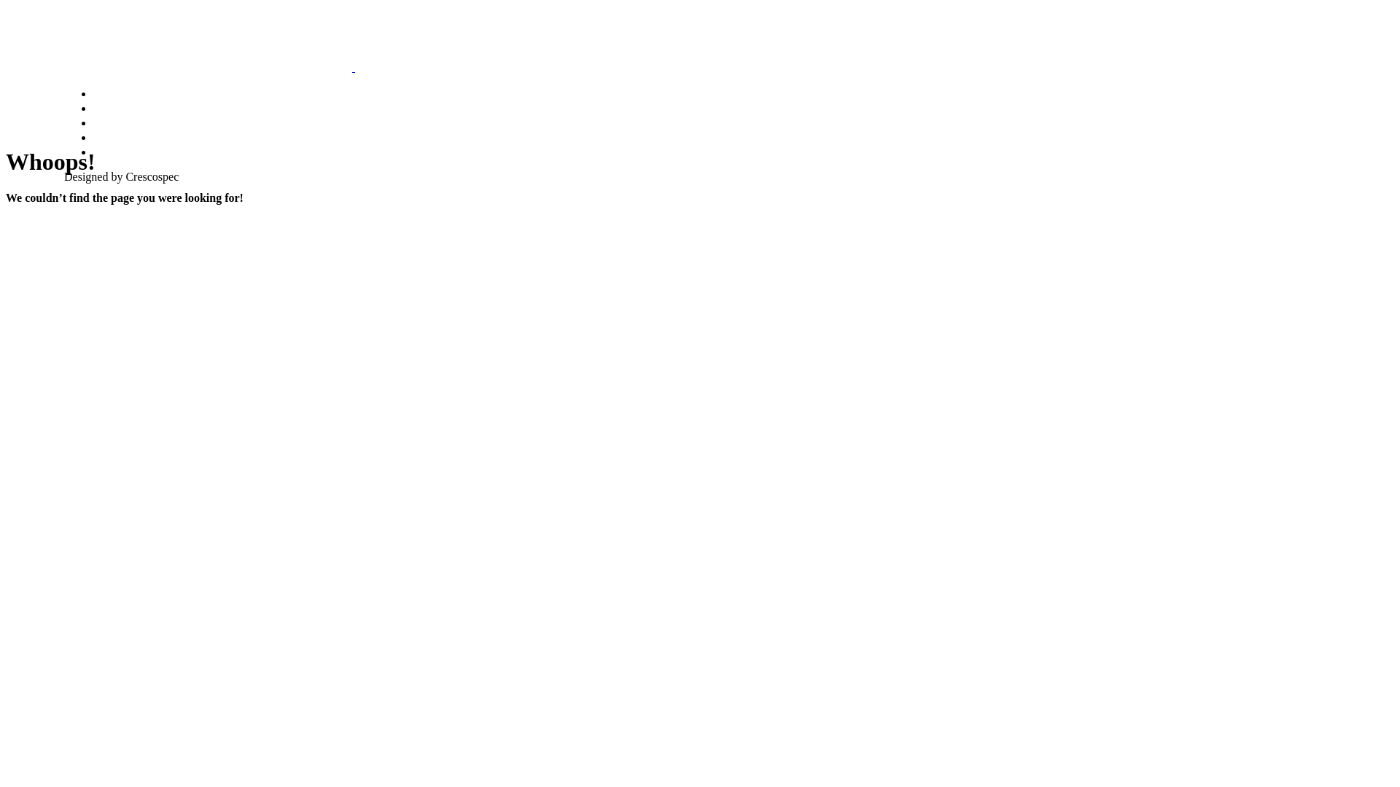 The width and height of the screenshot is (1400, 787). Describe the element at coordinates (121, 152) in the screenshot. I see `'CONTACT'` at that location.